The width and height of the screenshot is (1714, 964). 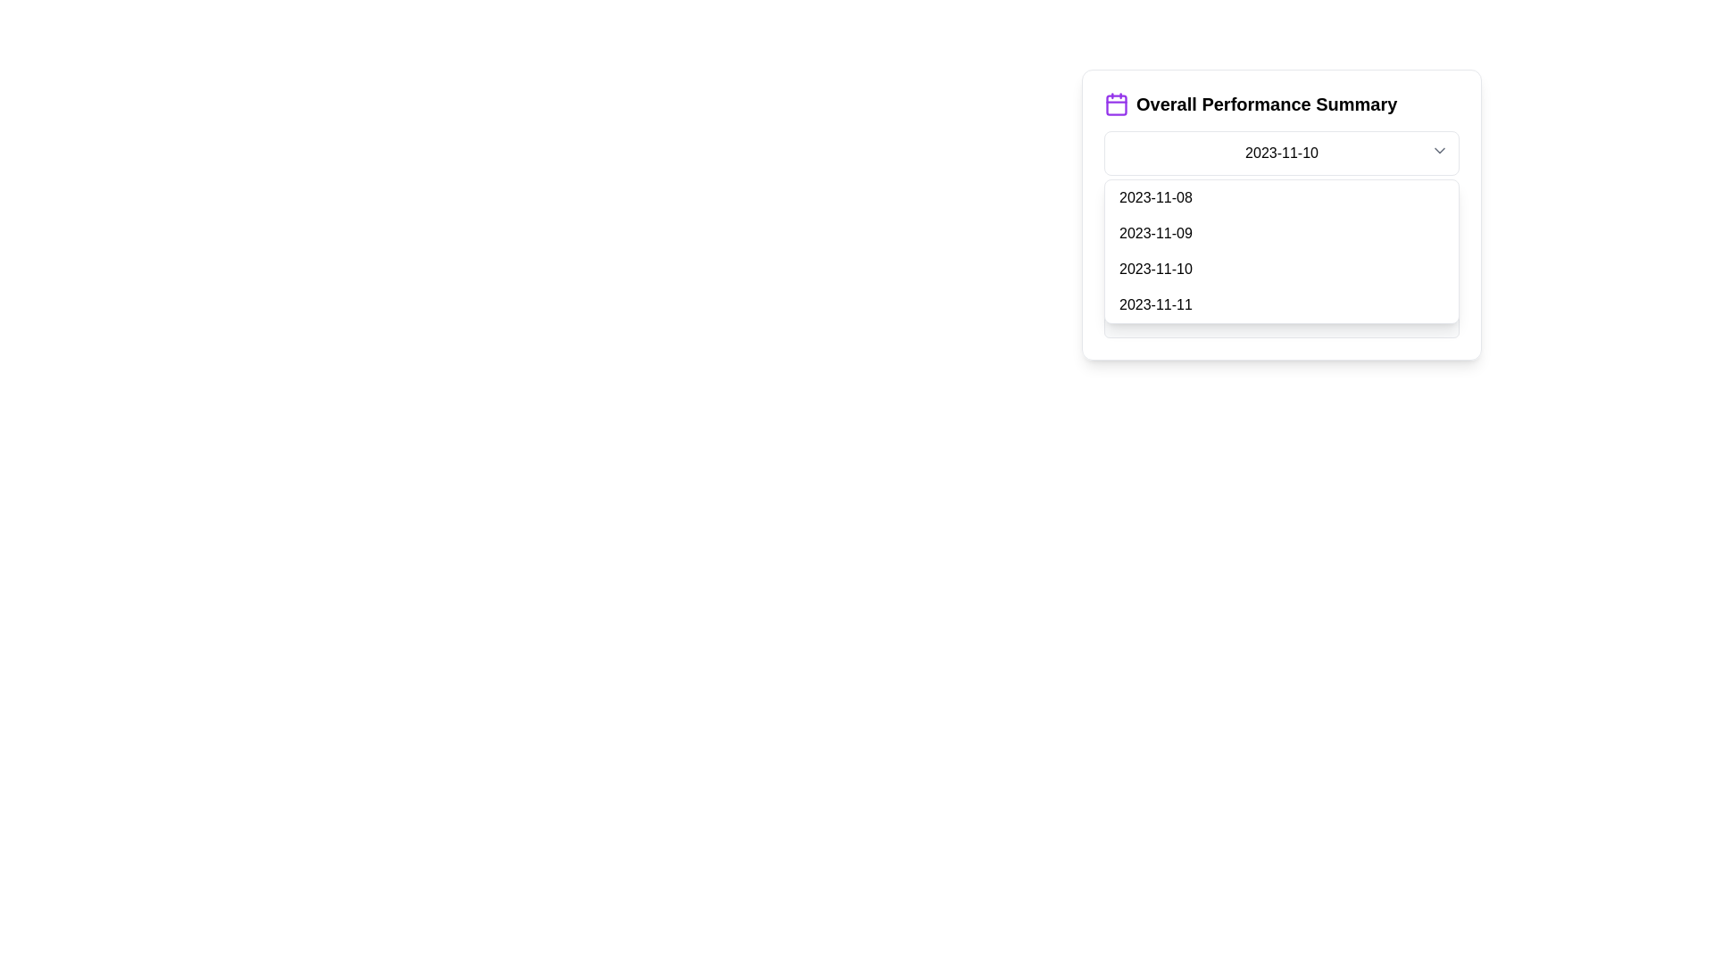 What do you see at coordinates (1280, 304) in the screenshot?
I see `the fourth option in the dropdown menu` at bounding box center [1280, 304].